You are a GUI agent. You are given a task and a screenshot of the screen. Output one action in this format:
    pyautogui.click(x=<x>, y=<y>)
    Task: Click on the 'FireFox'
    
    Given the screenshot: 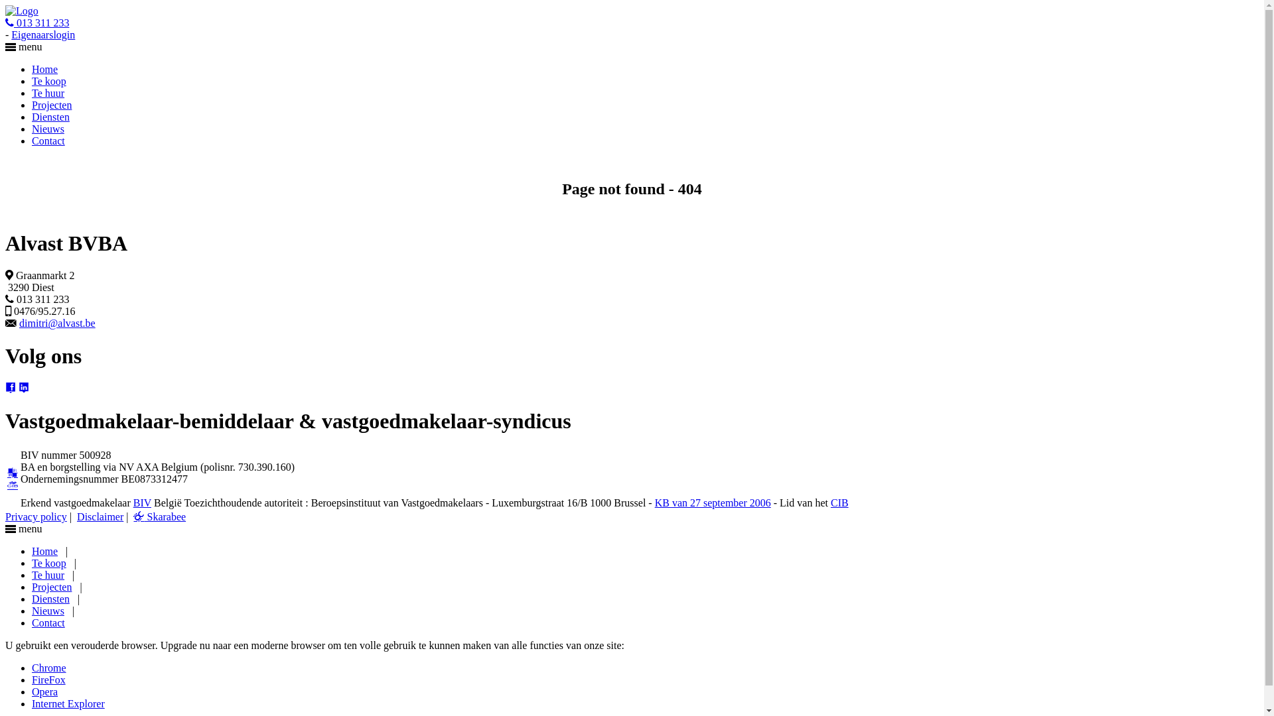 What is the action you would take?
    pyautogui.click(x=48, y=680)
    